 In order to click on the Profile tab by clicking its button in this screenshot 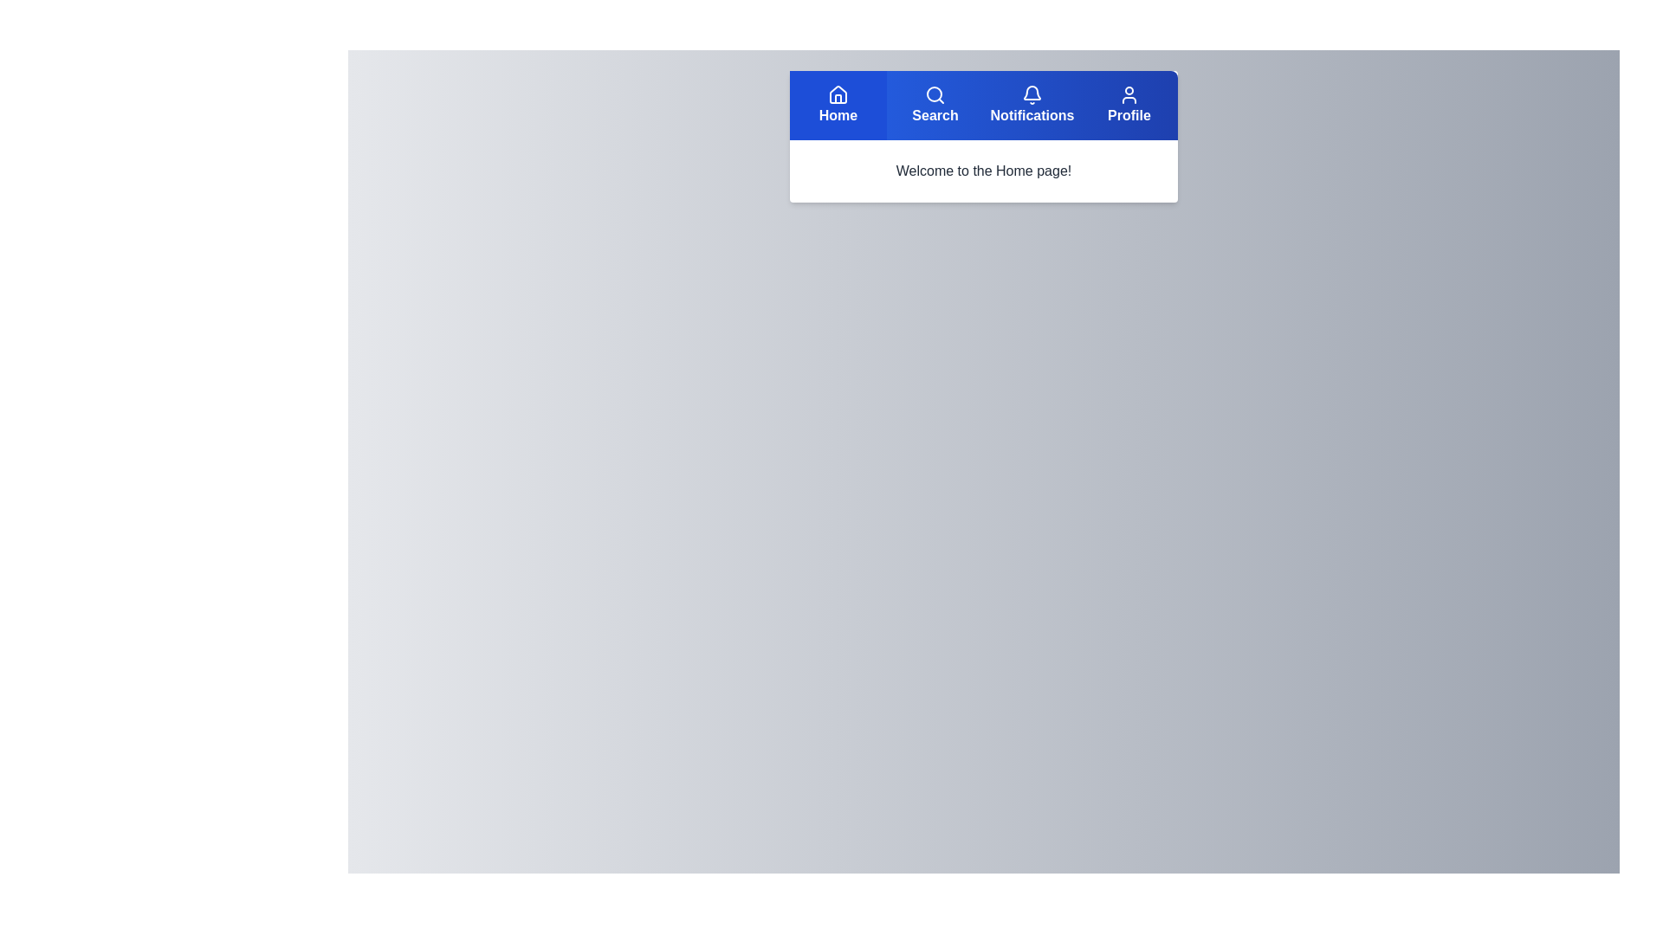, I will do `click(1129, 106)`.